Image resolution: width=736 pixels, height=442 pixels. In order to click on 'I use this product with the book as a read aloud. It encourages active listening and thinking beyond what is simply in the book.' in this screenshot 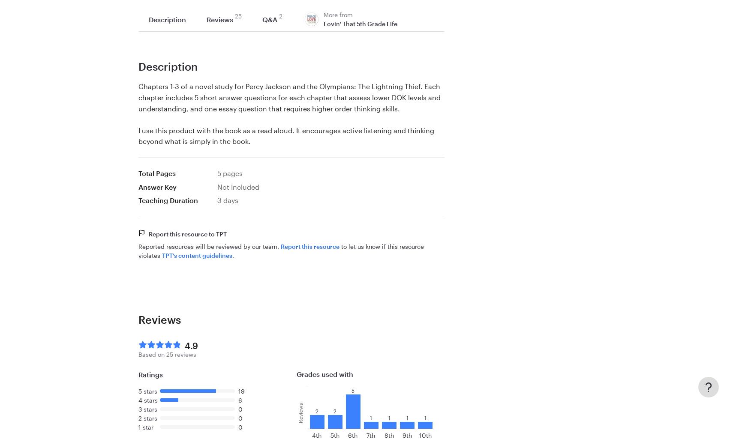, I will do `click(285, 135)`.